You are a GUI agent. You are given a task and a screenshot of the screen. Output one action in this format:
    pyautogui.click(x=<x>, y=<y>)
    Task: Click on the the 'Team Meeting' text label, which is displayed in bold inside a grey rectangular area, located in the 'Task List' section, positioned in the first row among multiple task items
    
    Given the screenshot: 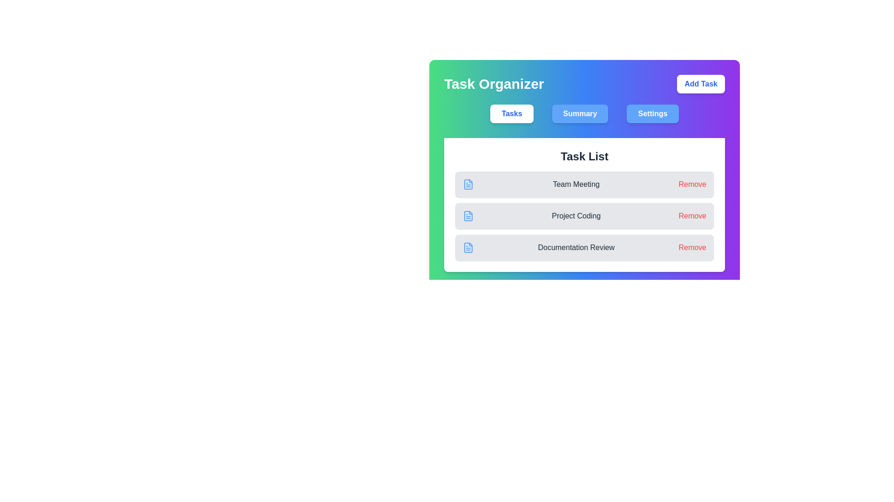 What is the action you would take?
    pyautogui.click(x=576, y=185)
    